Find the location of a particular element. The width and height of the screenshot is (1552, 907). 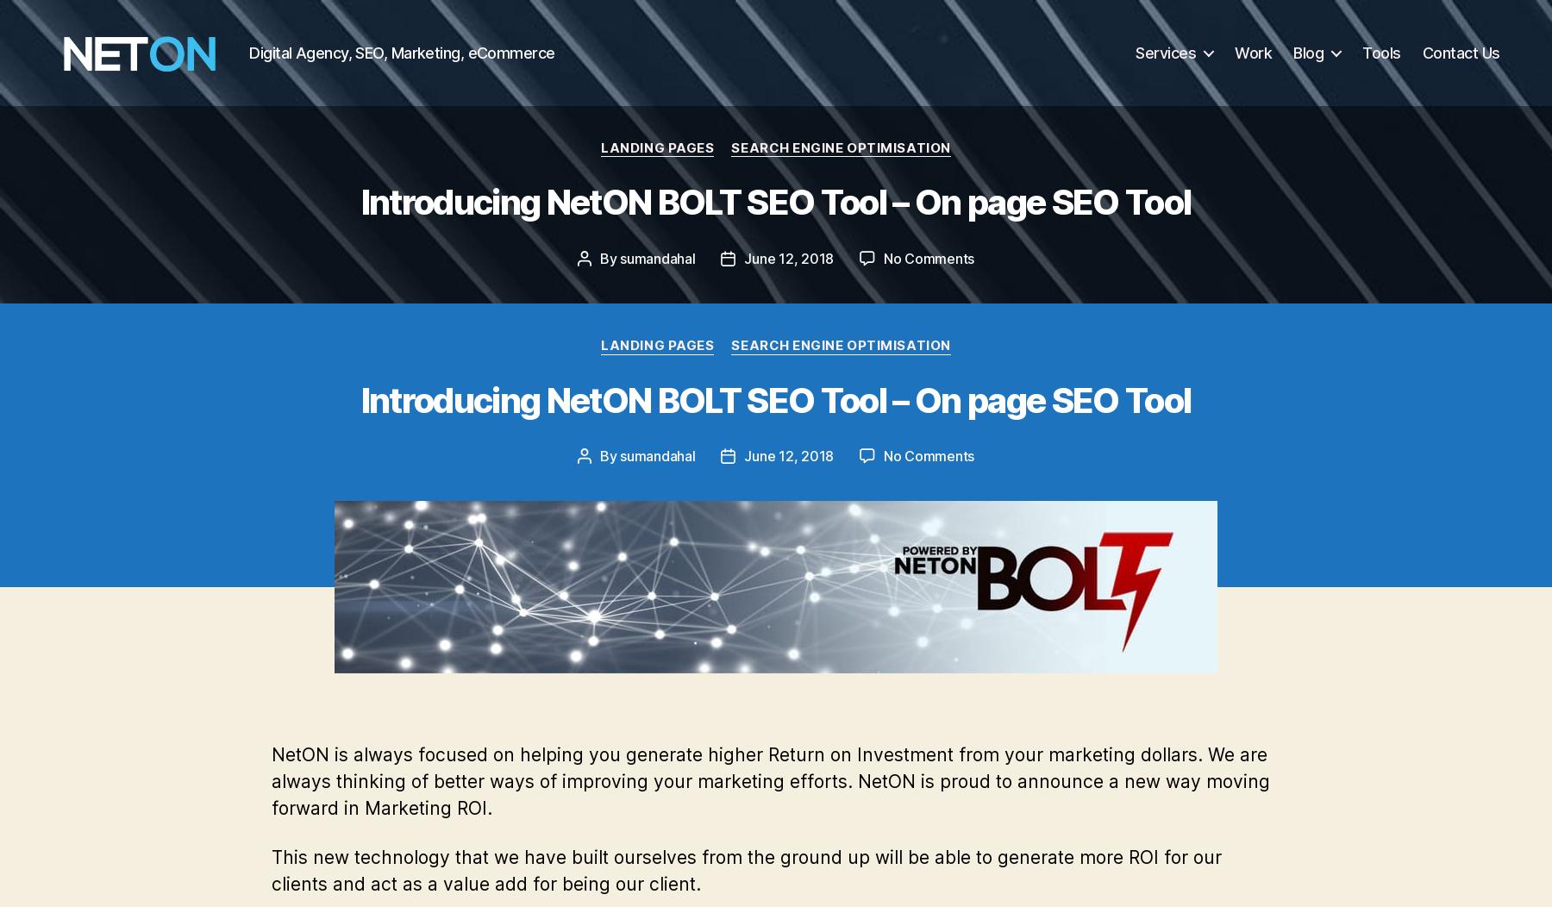

'Checking of Page Meta Tags' is located at coordinates (411, 25).